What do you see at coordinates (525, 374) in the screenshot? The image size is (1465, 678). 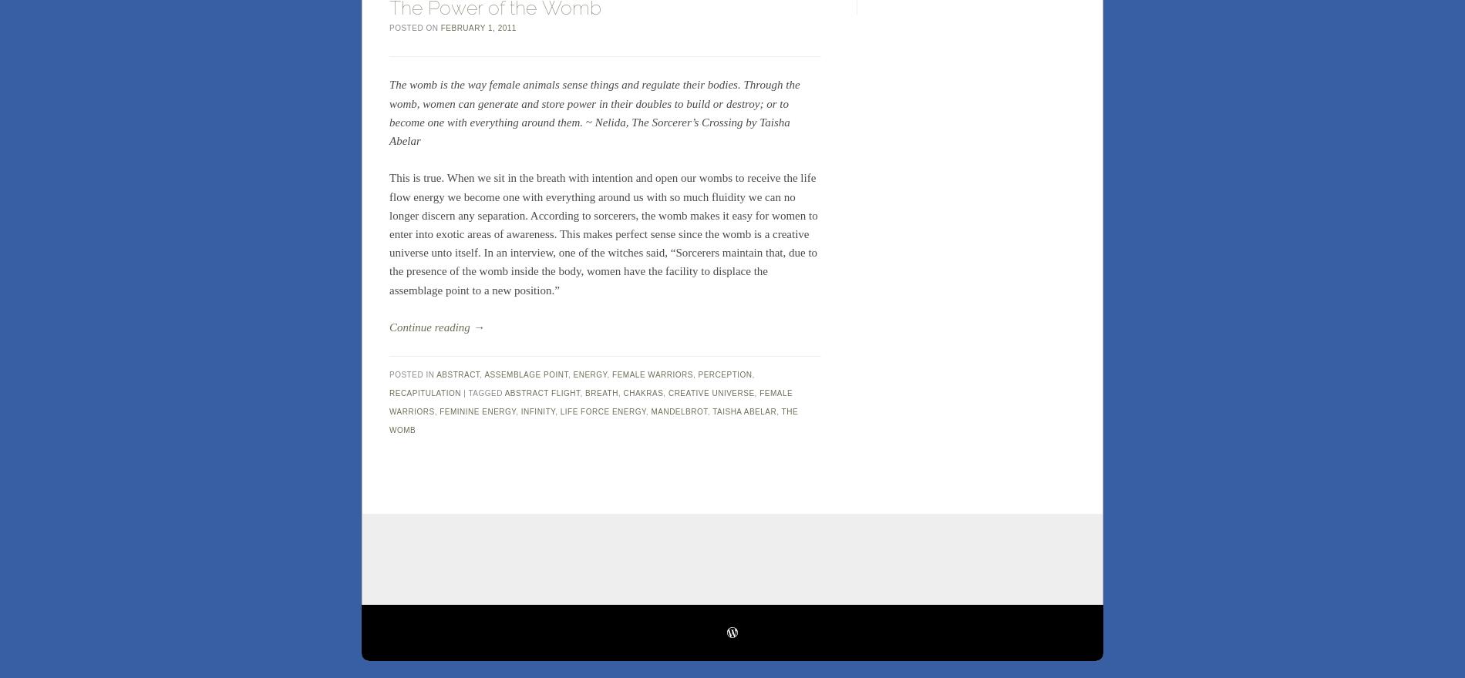 I see `'assemblage point'` at bounding box center [525, 374].